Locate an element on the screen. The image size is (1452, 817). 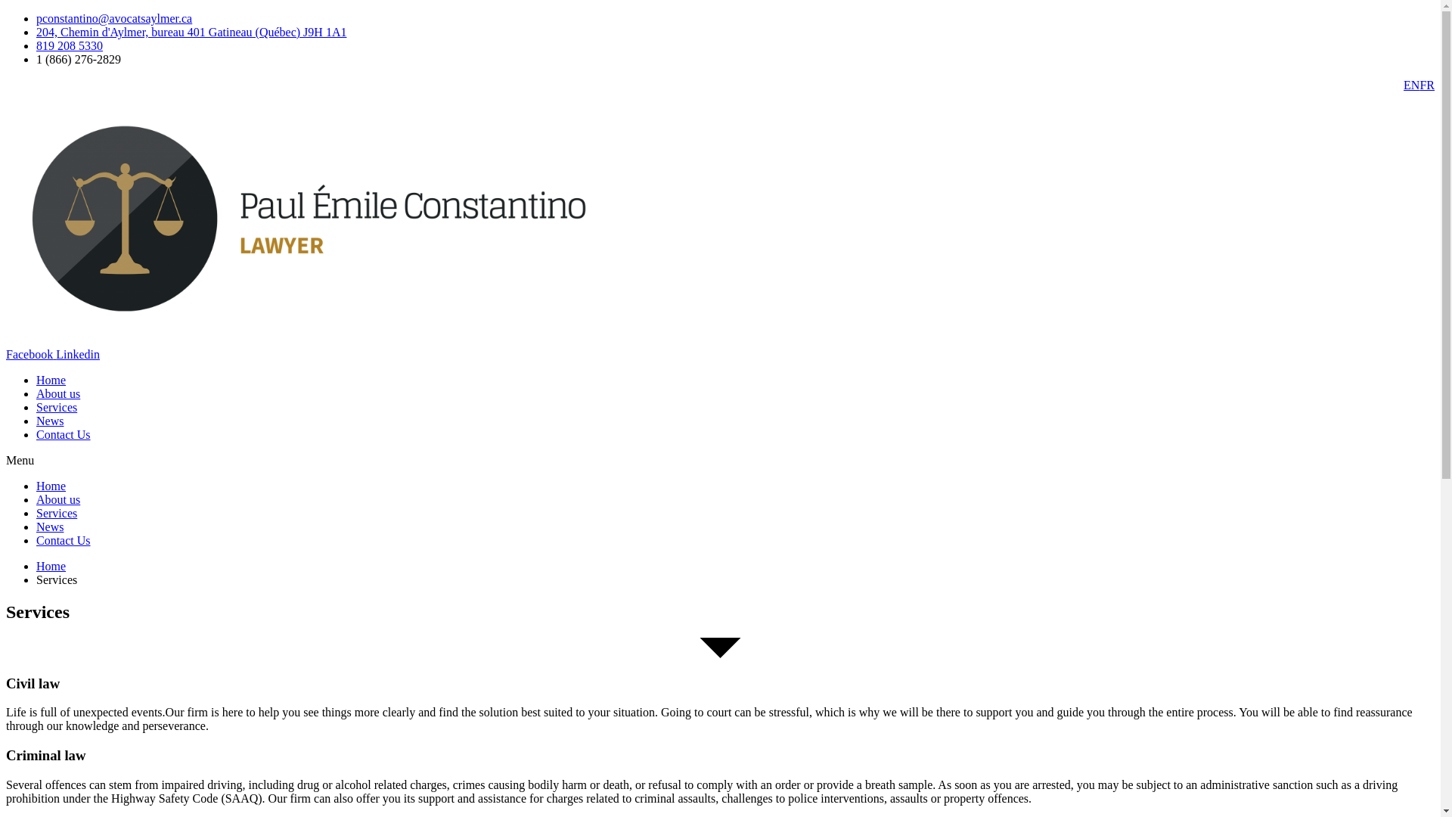
'Services' is located at coordinates (57, 512).